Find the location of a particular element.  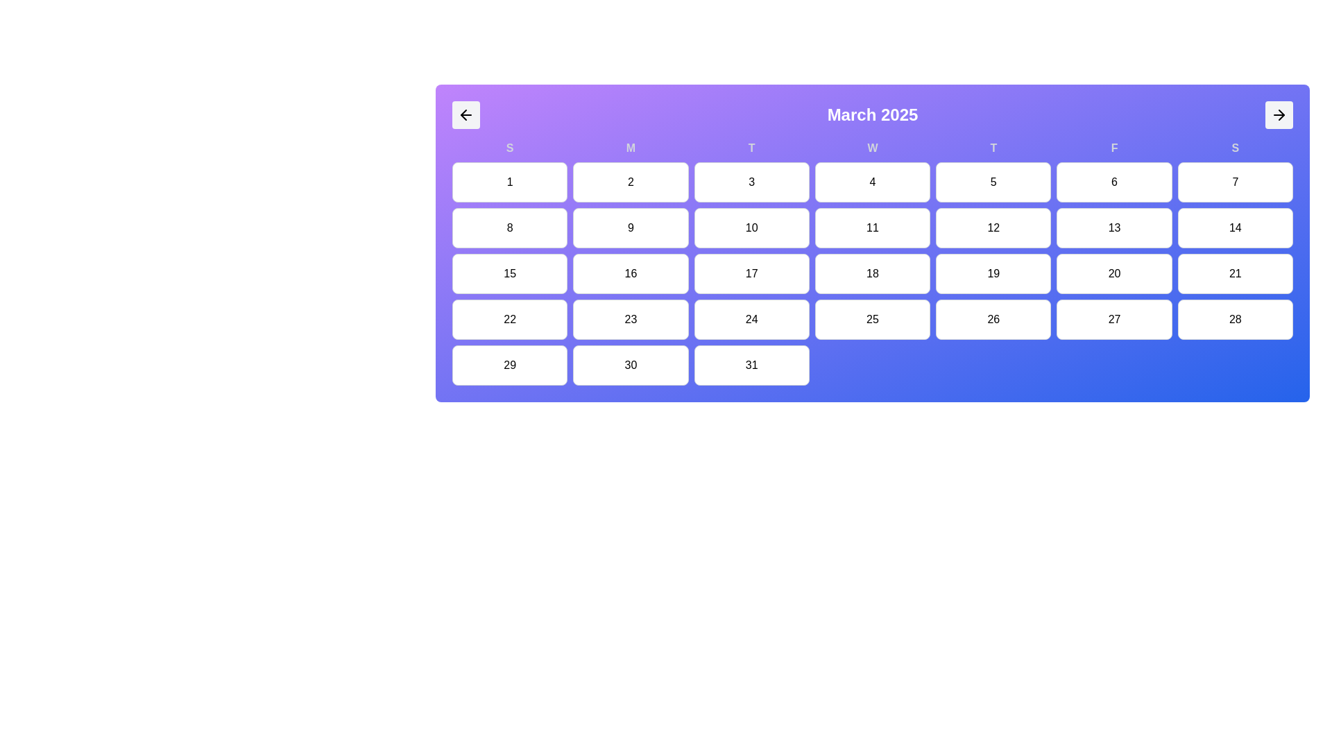

the button representing day 20 in the calendar grid, located under the Friday (F) header is located at coordinates (1114, 273).